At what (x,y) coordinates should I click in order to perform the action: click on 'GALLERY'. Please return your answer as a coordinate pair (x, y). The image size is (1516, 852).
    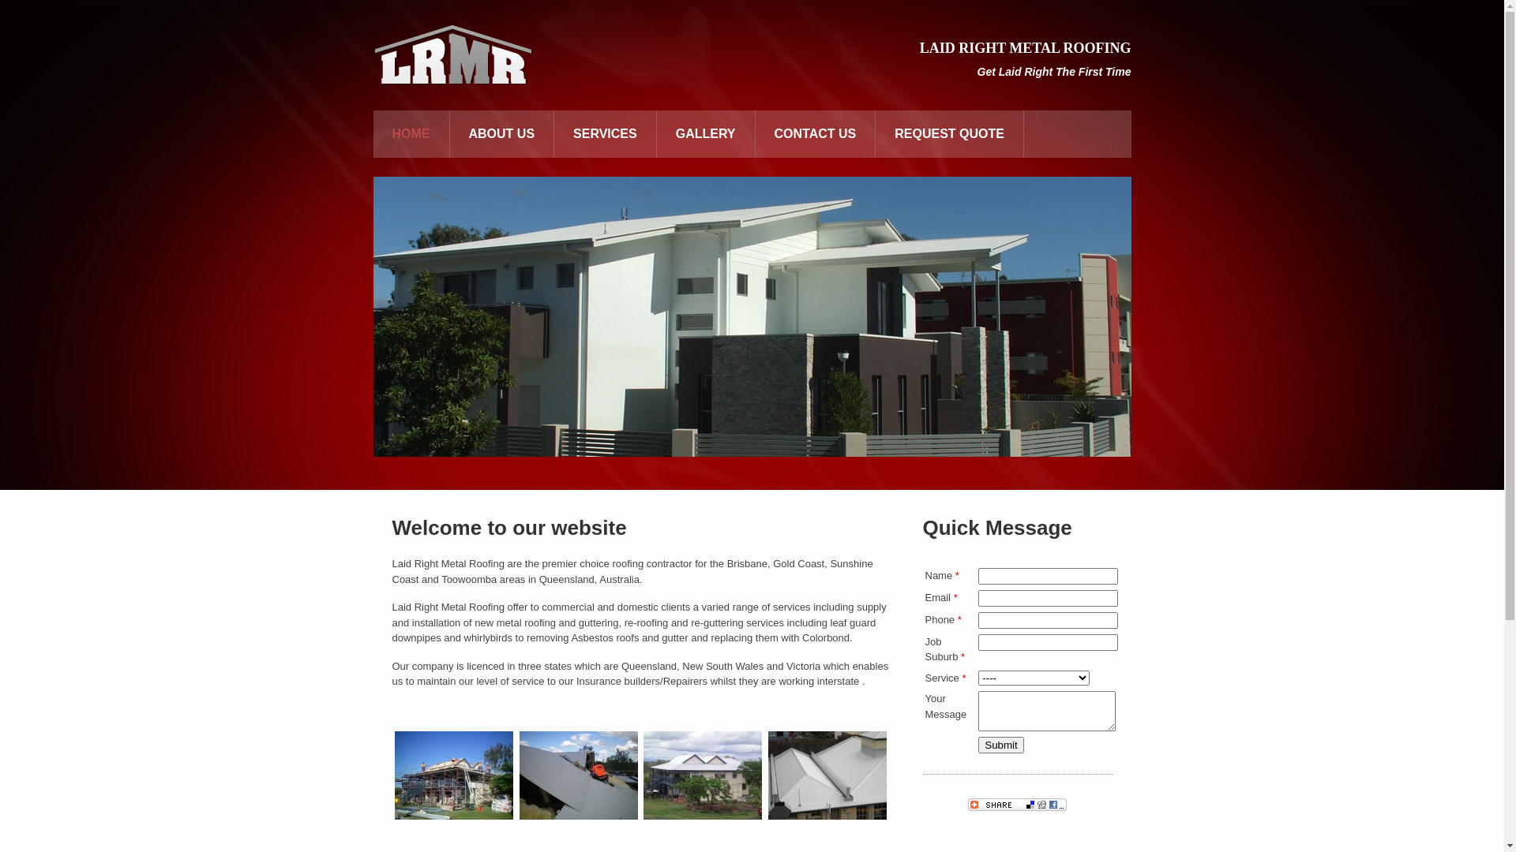
    Looking at the image, I should click on (704, 133).